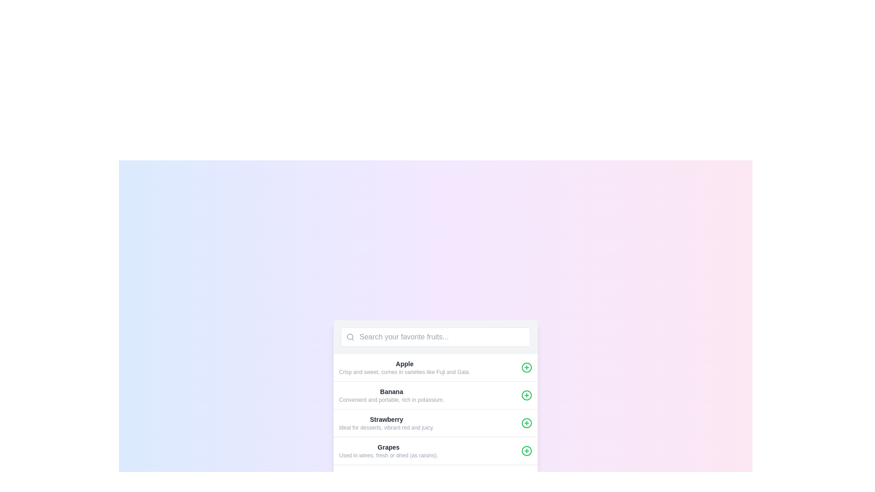 The height and width of the screenshot is (492, 875). I want to click on the Text Label indicating the fruit type 'Grapes', which serves as the title for the last item in the vertical list of fruits, so click(388, 447).